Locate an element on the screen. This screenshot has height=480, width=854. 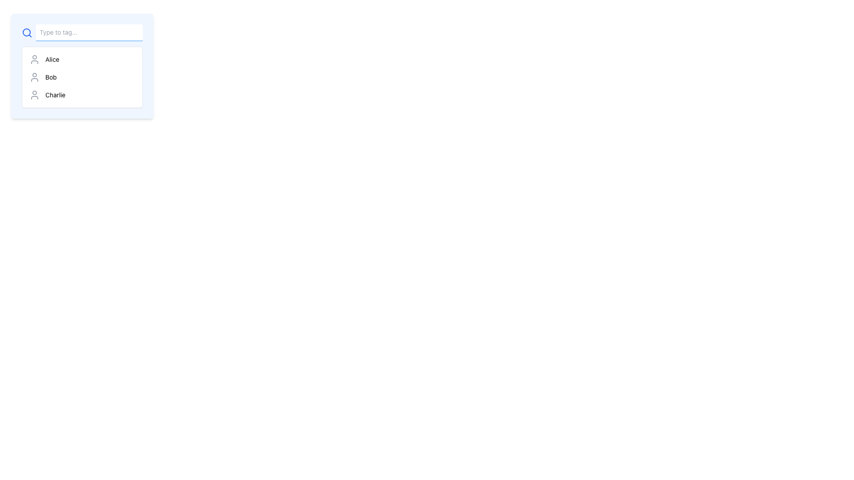
the text 'Charlie', which is the last item in a list of names, visually aligned with a user icon to its left is located at coordinates (55, 95).